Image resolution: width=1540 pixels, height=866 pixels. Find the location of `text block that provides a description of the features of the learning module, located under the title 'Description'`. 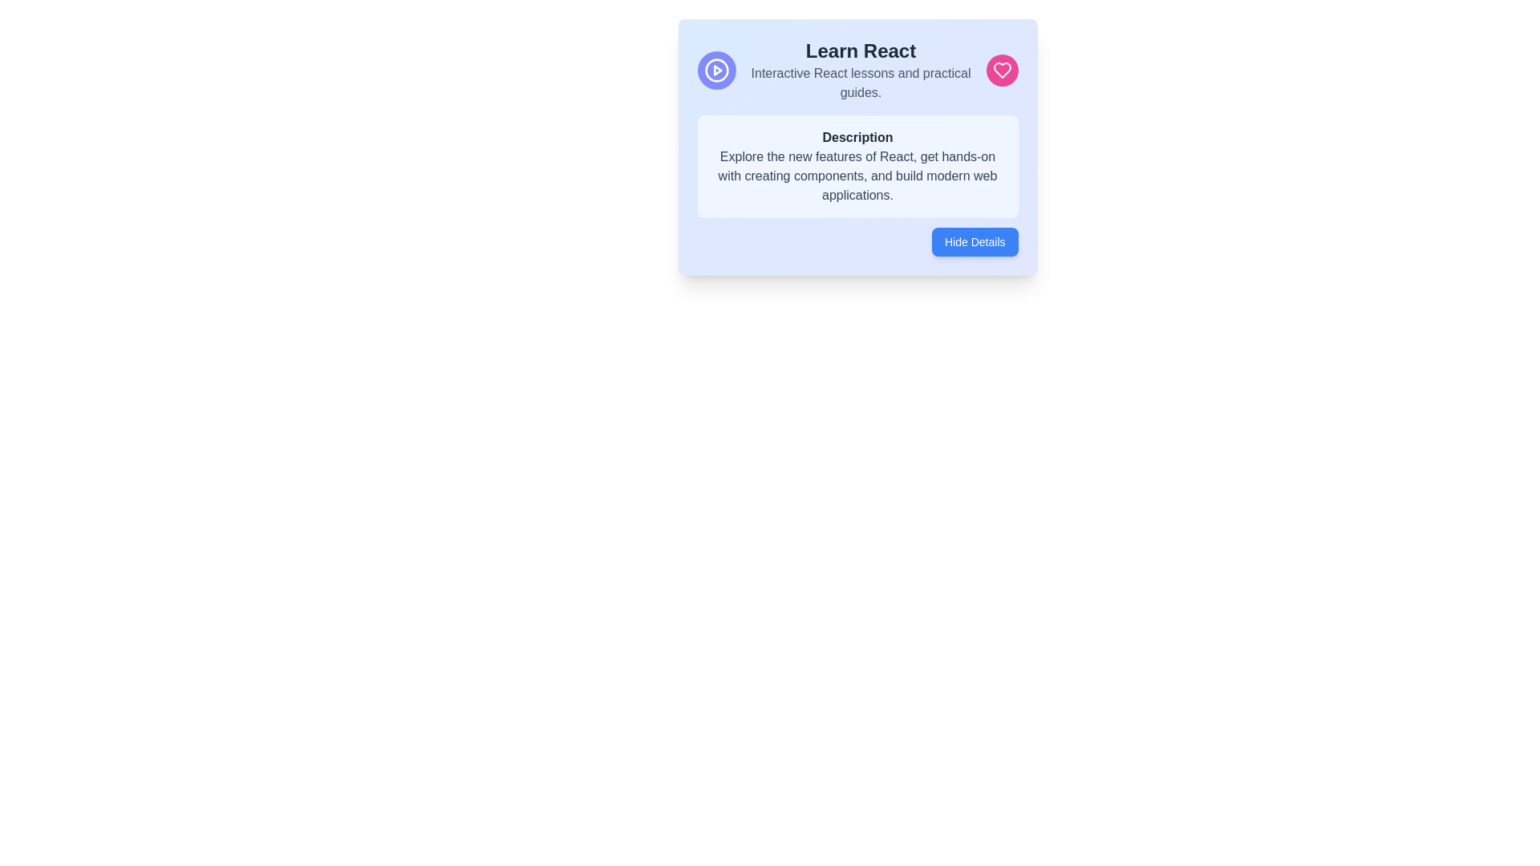

text block that provides a description of the features of the learning module, located under the title 'Description' is located at coordinates (857, 176).